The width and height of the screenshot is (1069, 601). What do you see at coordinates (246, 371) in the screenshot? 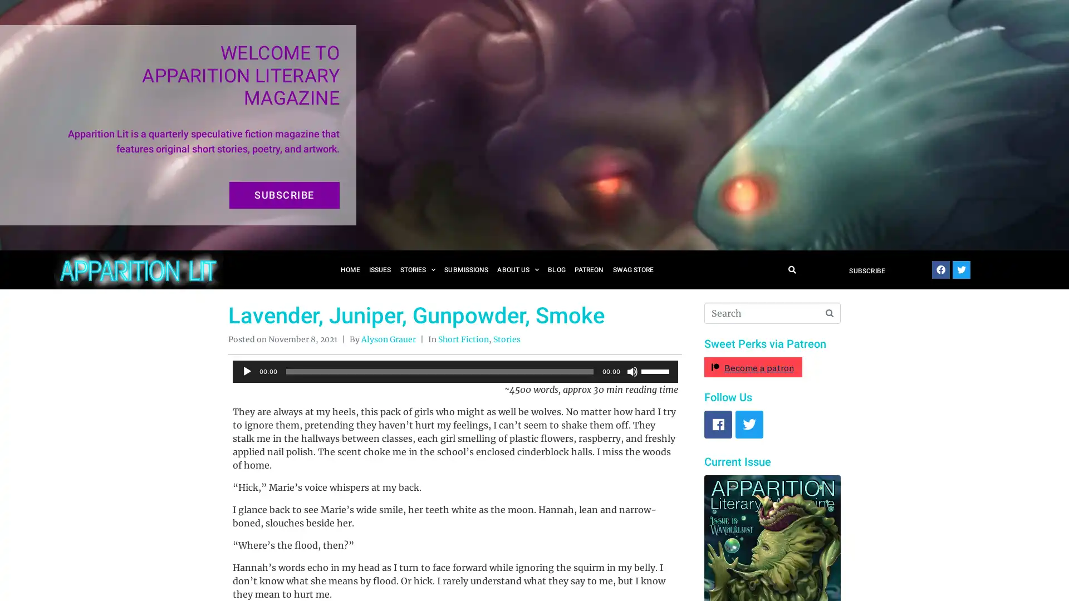
I see `Play` at bounding box center [246, 371].